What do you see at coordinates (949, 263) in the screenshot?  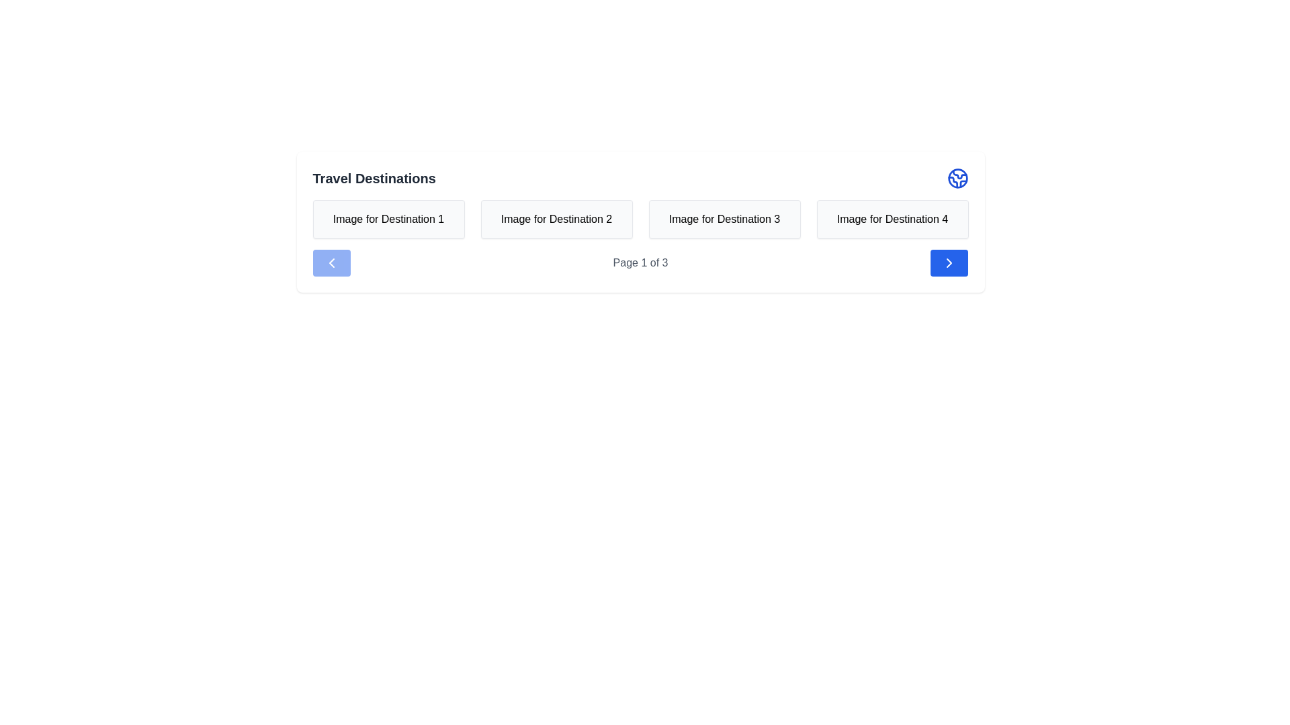 I see `the blue rectangular button with rounded corners and a white chevron pointing to the right, located at the rightmost section of the horizontal navigation bar` at bounding box center [949, 263].